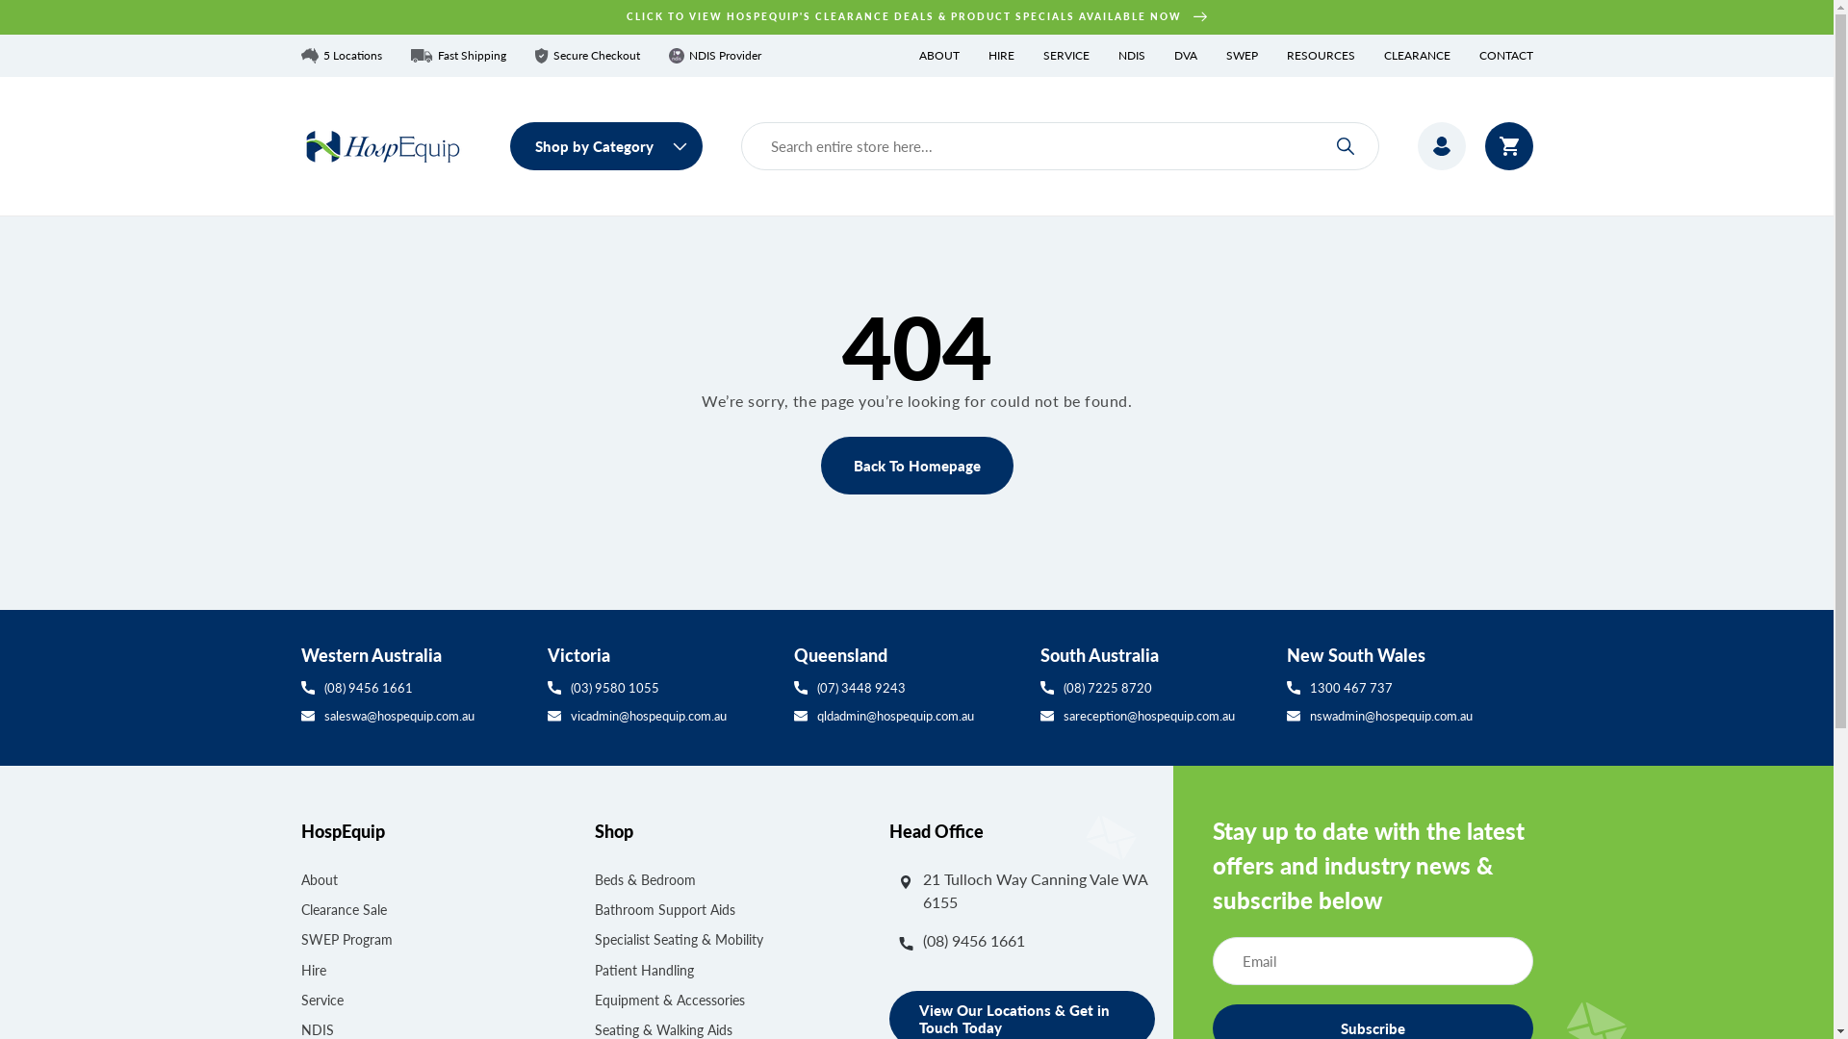  Describe the element at coordinates (1000, 54) in the screenshot. I see `'HIRE'` at that location.